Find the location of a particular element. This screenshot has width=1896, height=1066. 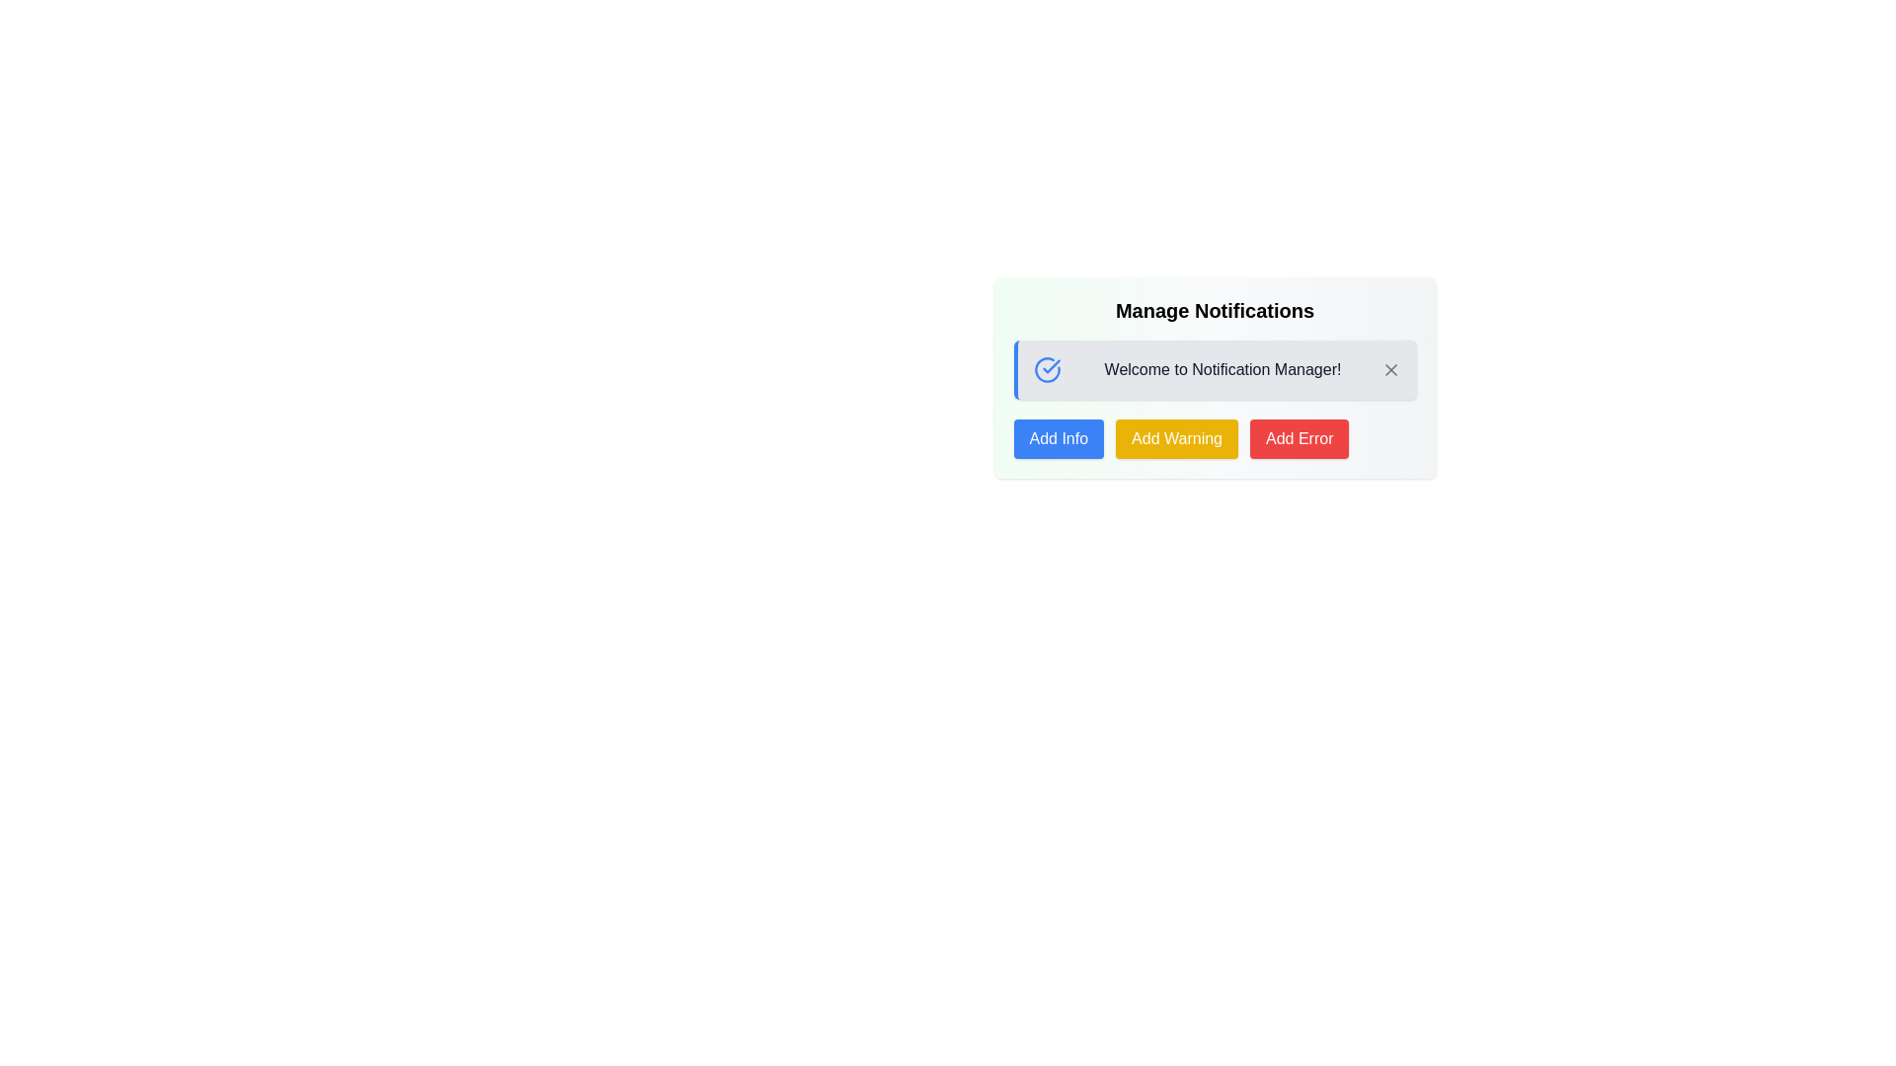

the Close icon located at the top-right corner of the notification box, which is used for dismissing or closing notifications is located at coordinates (1389, 369).